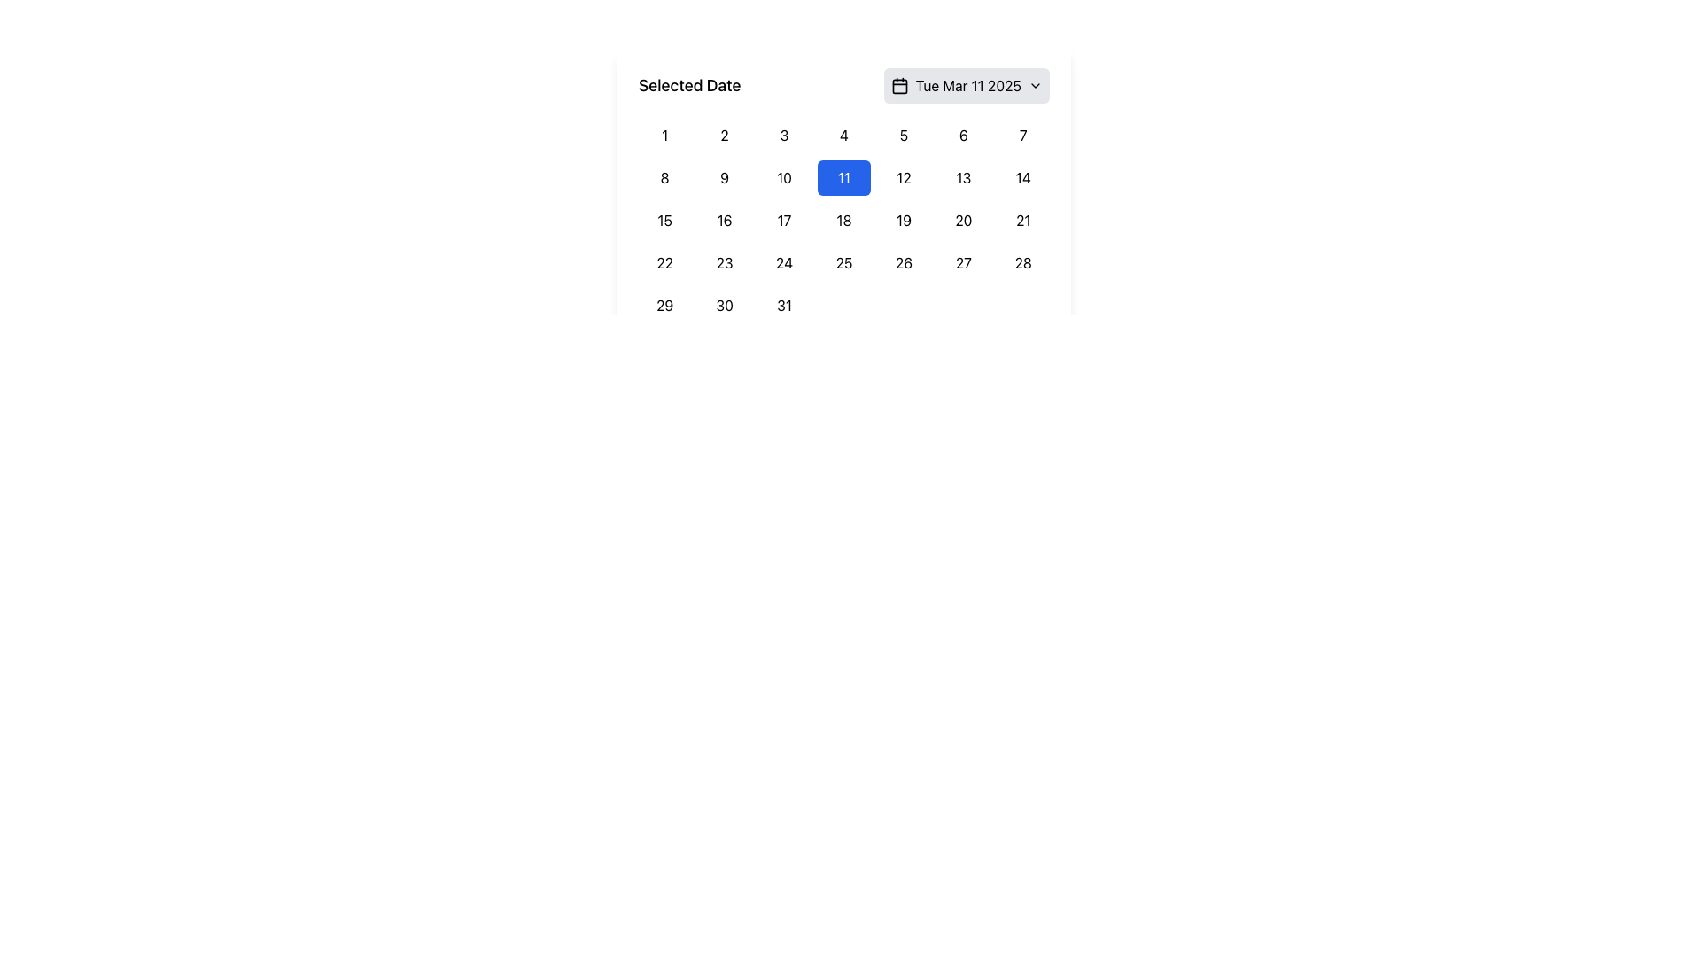  I want to click on the rounded rectangular button labeled '22' in the fourth row and first column of the calendar interface, so click(664, 263).